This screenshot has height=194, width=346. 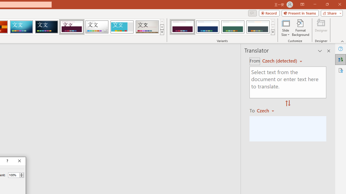 What do you see at coordinates (300, 28) in the screenshot?
I see `'Format Background'` at bounding box center [300, 28].